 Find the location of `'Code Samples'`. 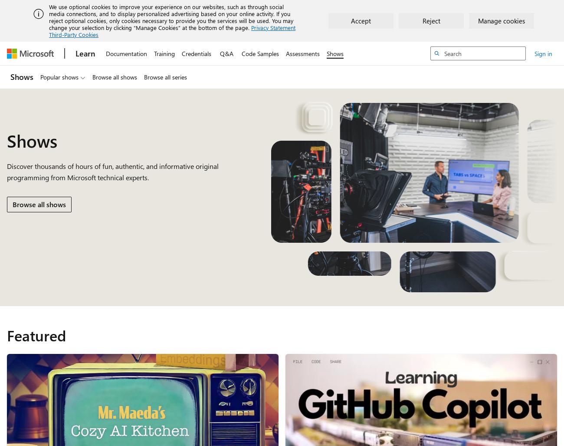

'Code Samples' is located at coordinates (241, 53).